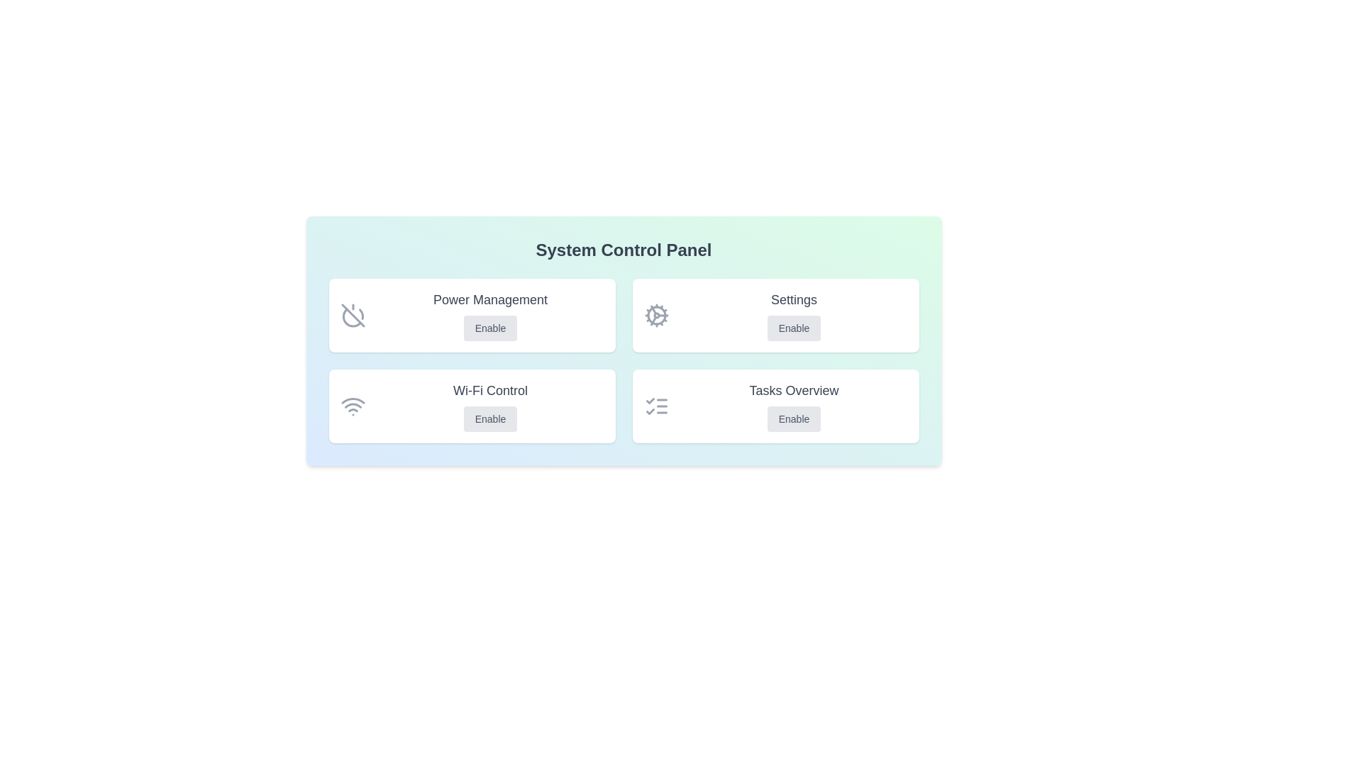 The height and width of the screenshot is (766, 1362). Describe the element at coordinates (353, 406) in the screenshot. I see `the Wi-Fi icon located in the 'Wi-Fi Control' panel, which features three curved lines radiating from a center point, styled with rounded edges and a grayish tone` at that location.